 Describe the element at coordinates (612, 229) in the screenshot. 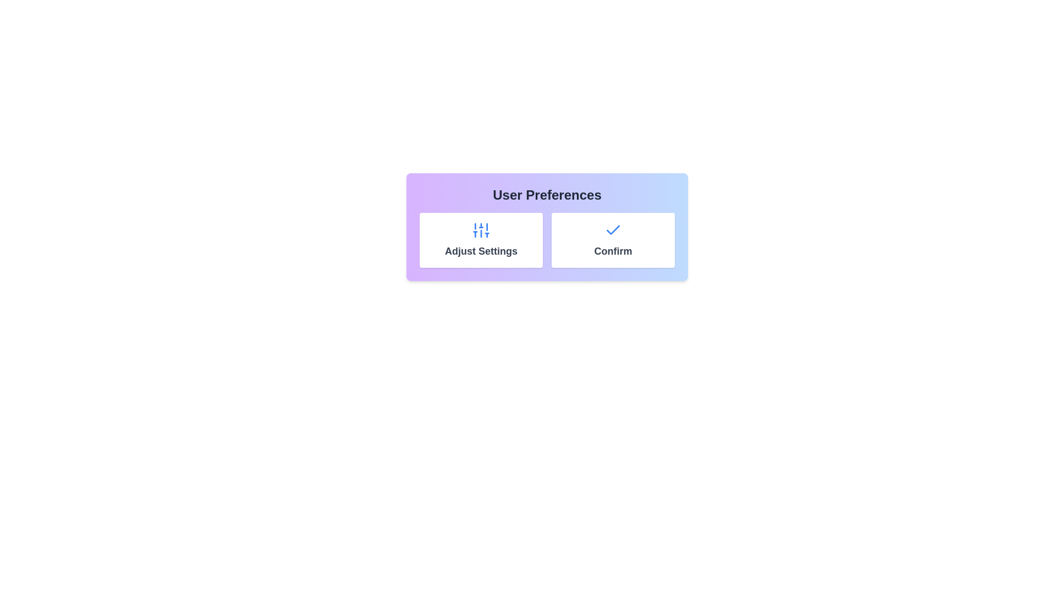

I see `the blue checkmark icon in the 'Confirm' button` at that location.